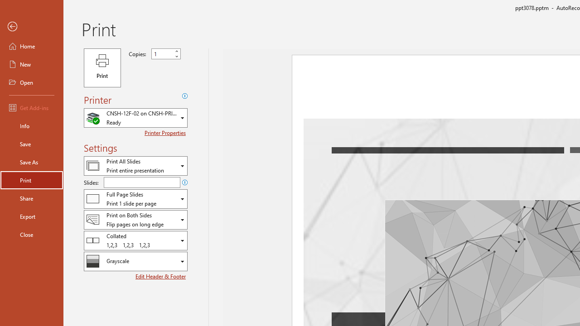  What do you see at coordinates (135, 166) in the screenshot?
I see `'Print What'` at bounding box center [135, 166].